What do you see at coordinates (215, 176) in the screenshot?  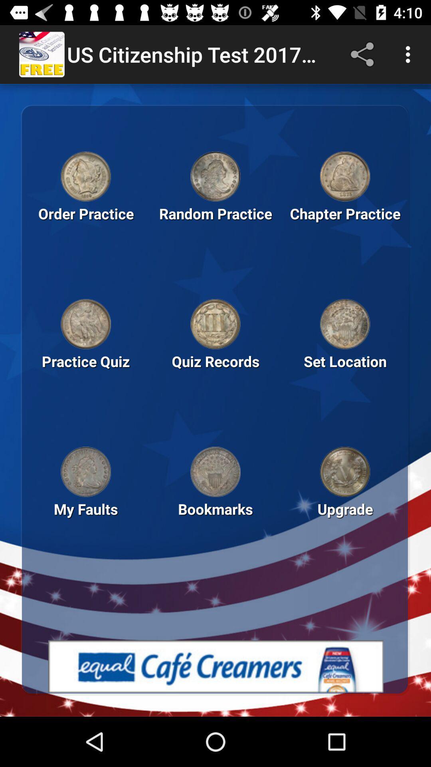 I see `the avatar icon` at bounding box center [215, 176].